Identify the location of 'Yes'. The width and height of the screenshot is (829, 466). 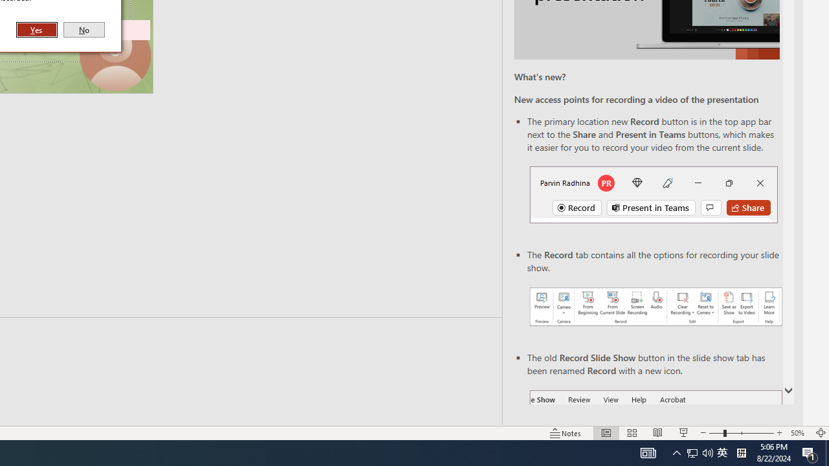
(37, 29).